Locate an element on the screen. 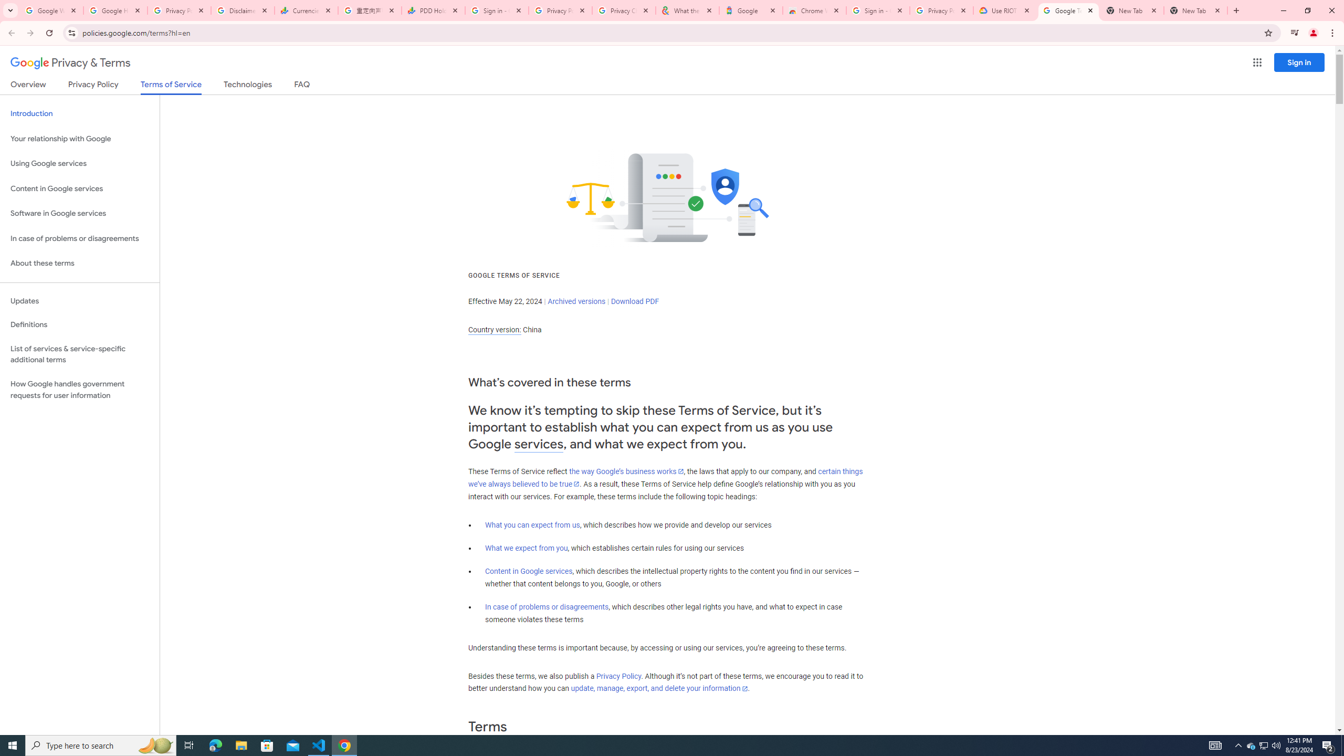 This screenshot has height=756, width=1344. 'Google Workspace Admin Community' is located at coordinates (51, 10).